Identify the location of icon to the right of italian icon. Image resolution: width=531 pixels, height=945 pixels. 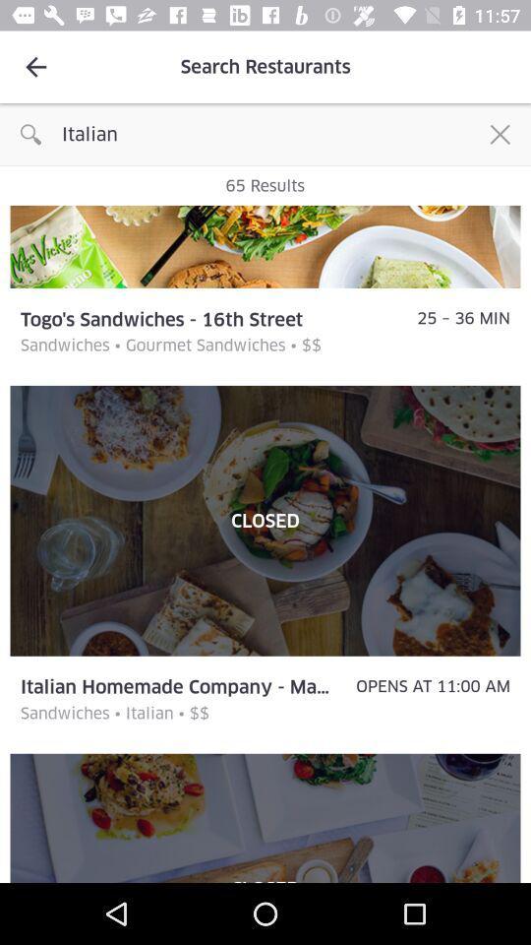
(500, 133).